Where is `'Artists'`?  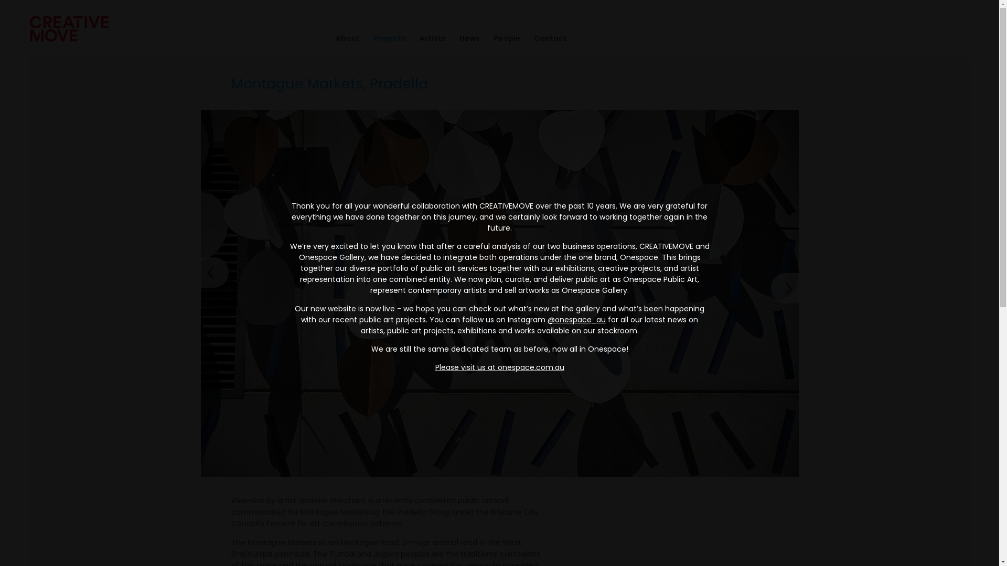
'Artists' is located at coordinates (405, 38).